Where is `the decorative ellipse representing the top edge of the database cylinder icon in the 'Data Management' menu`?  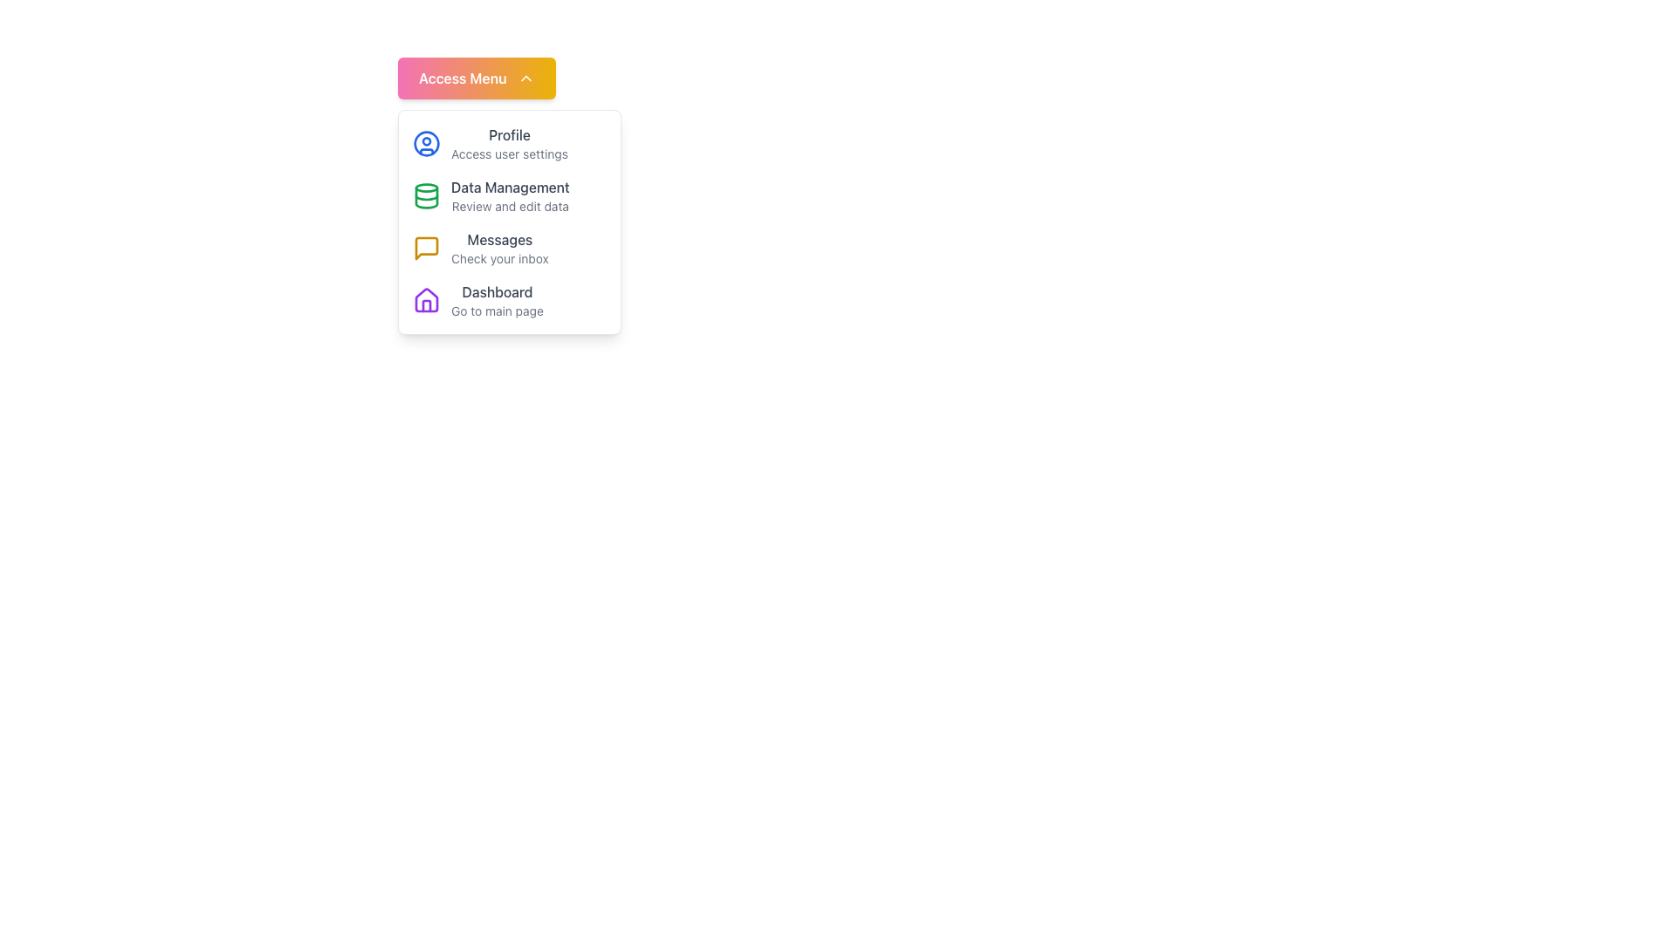
the decorative ellipse representing the top edge of the database cylinder icon in the 'Data Management' menu is located at coordinates (427, 188).